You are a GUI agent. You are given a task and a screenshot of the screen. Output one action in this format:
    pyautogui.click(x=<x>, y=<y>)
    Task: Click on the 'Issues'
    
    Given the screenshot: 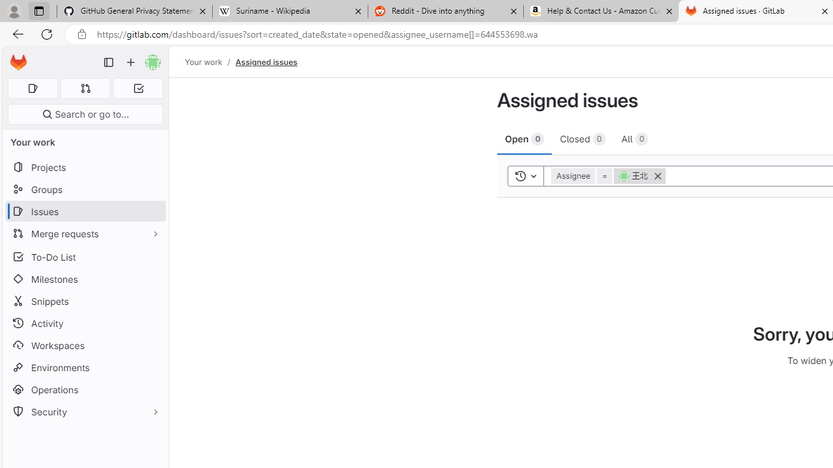 What is the action you would take?
    pyautogui.click(x=85, y=211)
    